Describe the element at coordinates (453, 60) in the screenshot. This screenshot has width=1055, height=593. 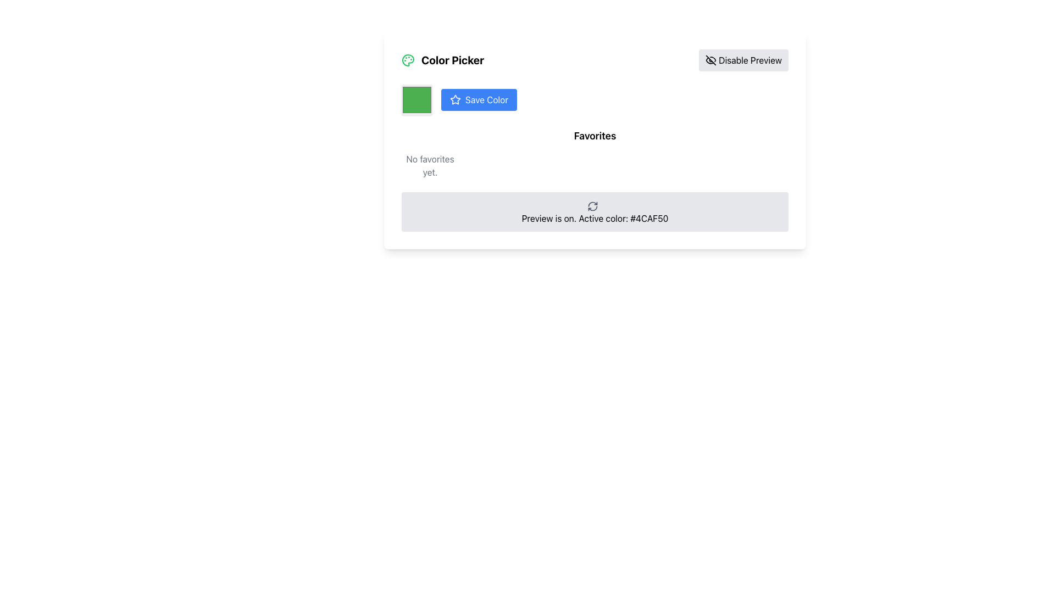
I see `the 'Color Picker' text label, which is bold, extra-large, and styled in a sans-serif font, positioned to the right of a palette icon in the top-left section of the interface` at that location.